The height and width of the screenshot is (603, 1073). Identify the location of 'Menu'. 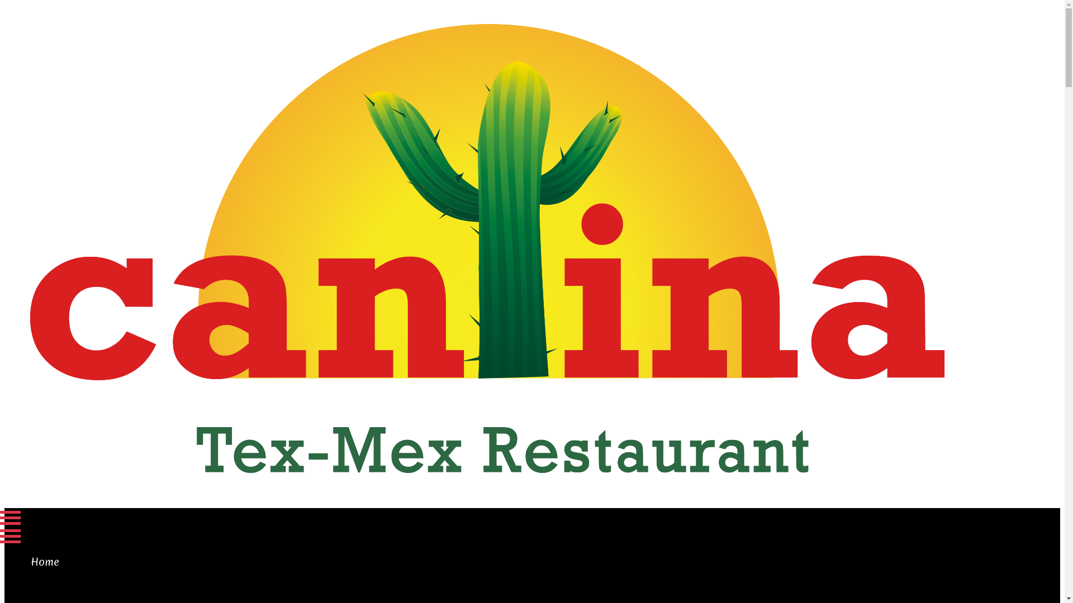
(10, 535).